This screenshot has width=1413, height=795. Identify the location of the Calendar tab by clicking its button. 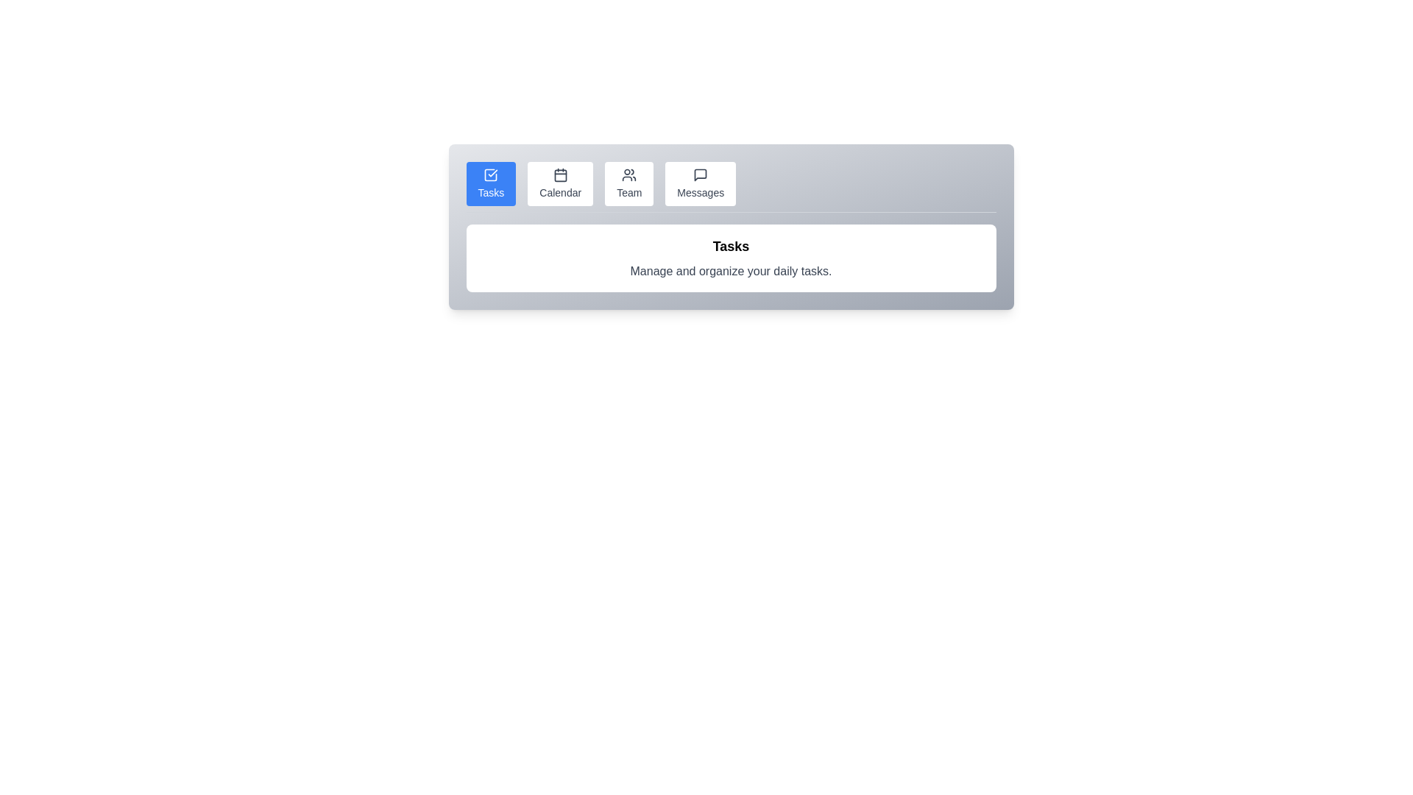
(559, 183).